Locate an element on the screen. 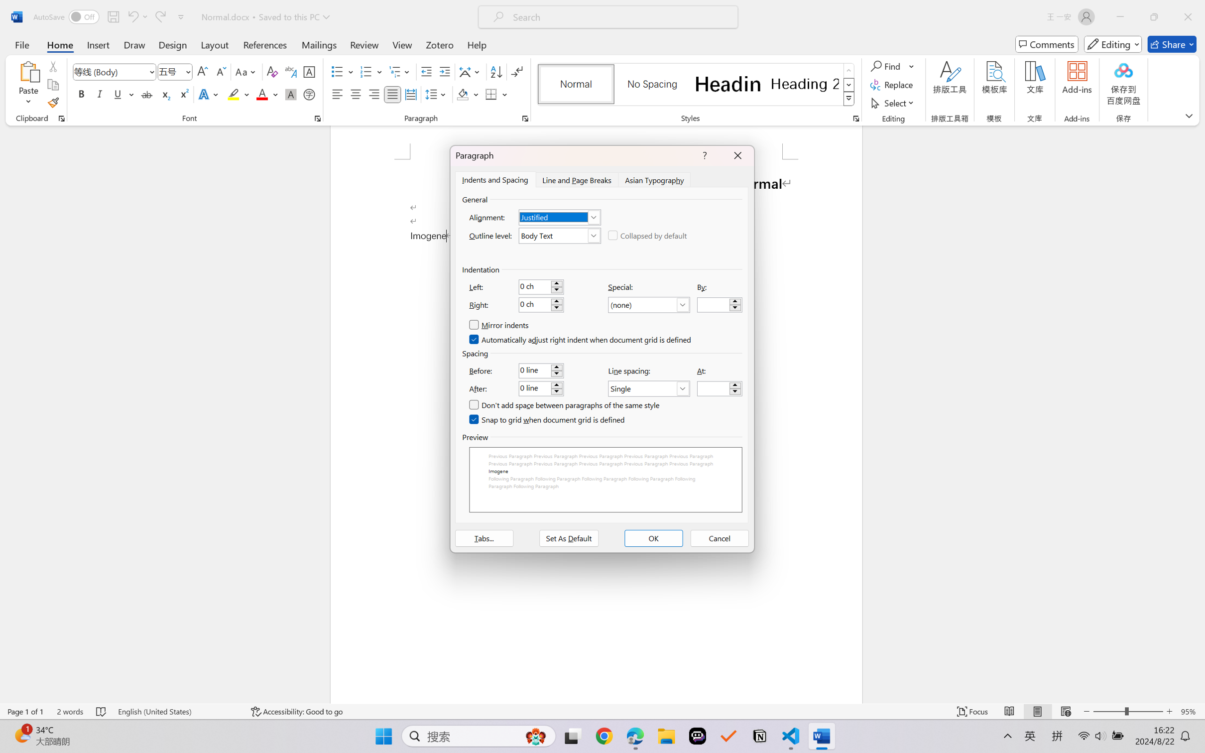  'Italic' is located at coordinates (99, 94).